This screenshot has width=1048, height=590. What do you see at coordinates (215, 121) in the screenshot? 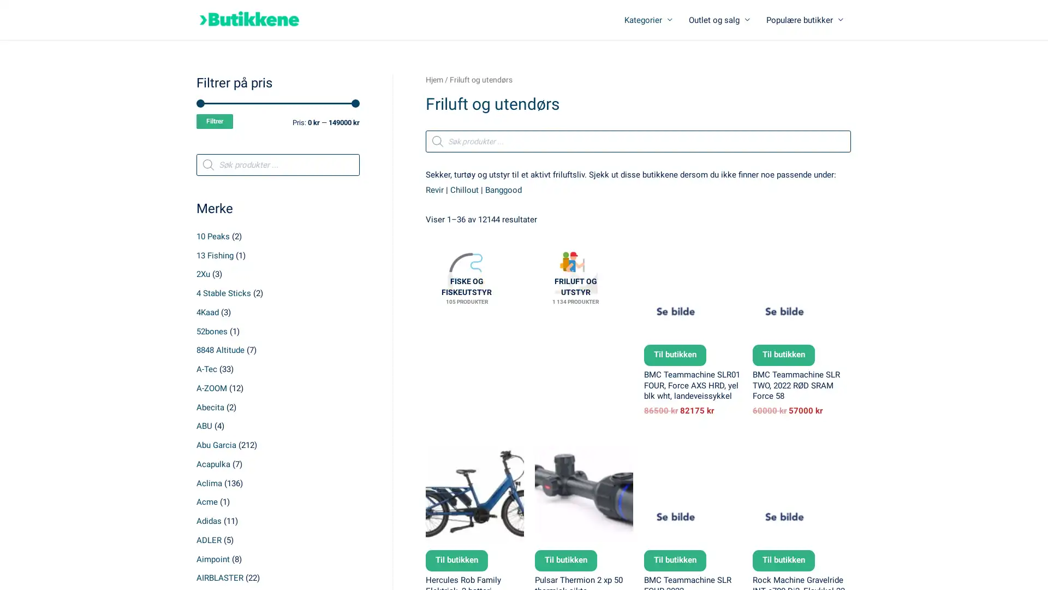
I see `Filtrer` at bounding box center [215, 121].